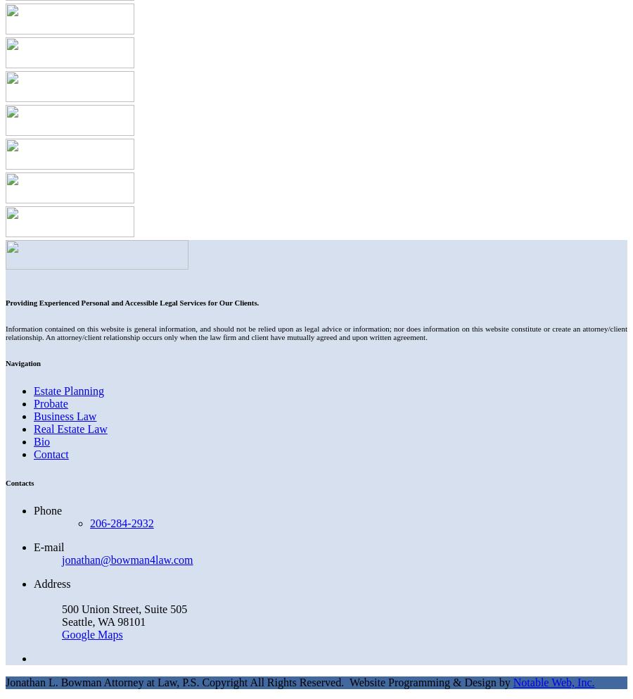 The height and width of the screenshot is (699, 633). What do you see at coordinates (430, 681) in the screenshot?
I see `'Website Programming & Design by'` at bounding box center [430, 681].